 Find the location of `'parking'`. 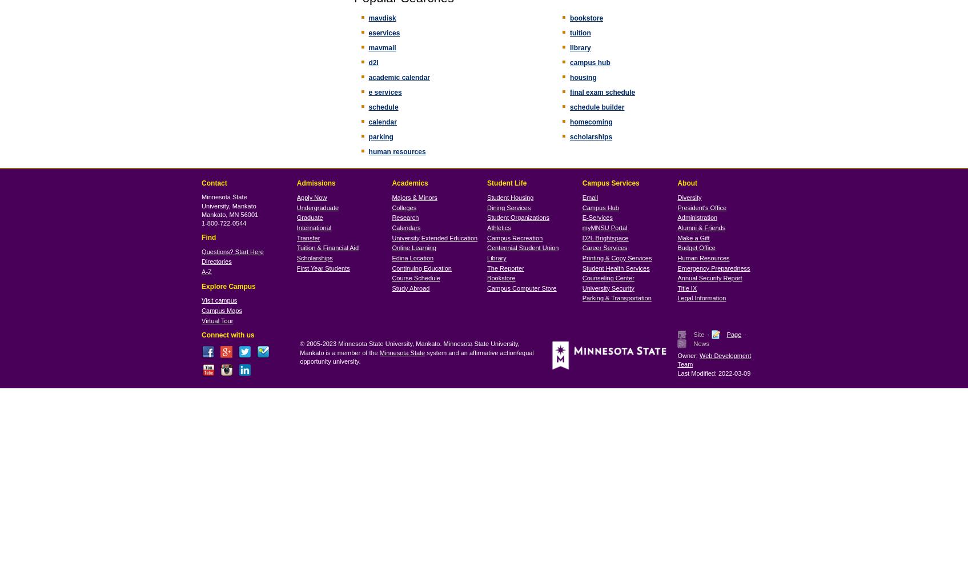

'parking' is located at coordinates (380, 136).